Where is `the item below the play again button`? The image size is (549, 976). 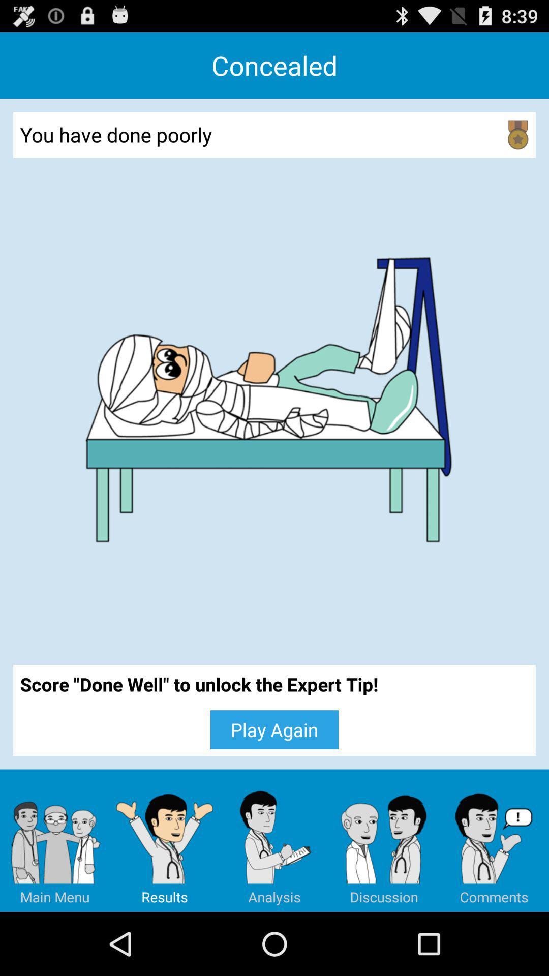
the item below the play again button is located at coordinates (164, 840).